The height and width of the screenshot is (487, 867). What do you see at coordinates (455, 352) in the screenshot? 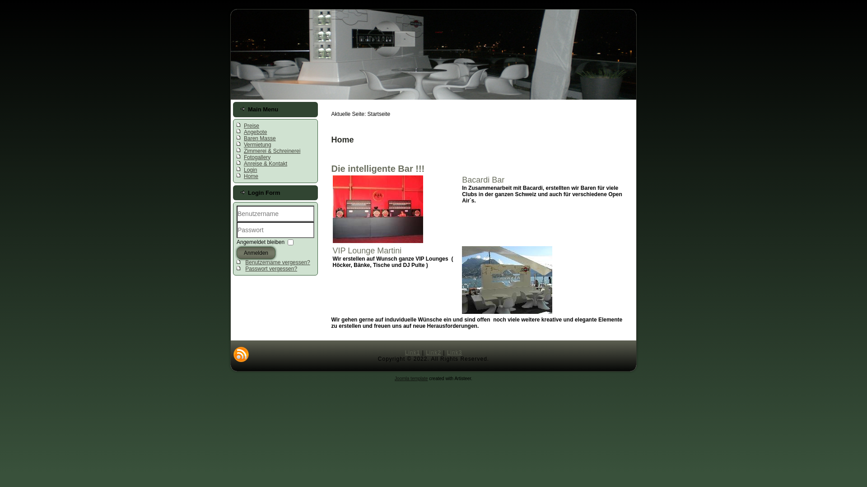
I see `'Link3'` at bounding box center [455, 352].